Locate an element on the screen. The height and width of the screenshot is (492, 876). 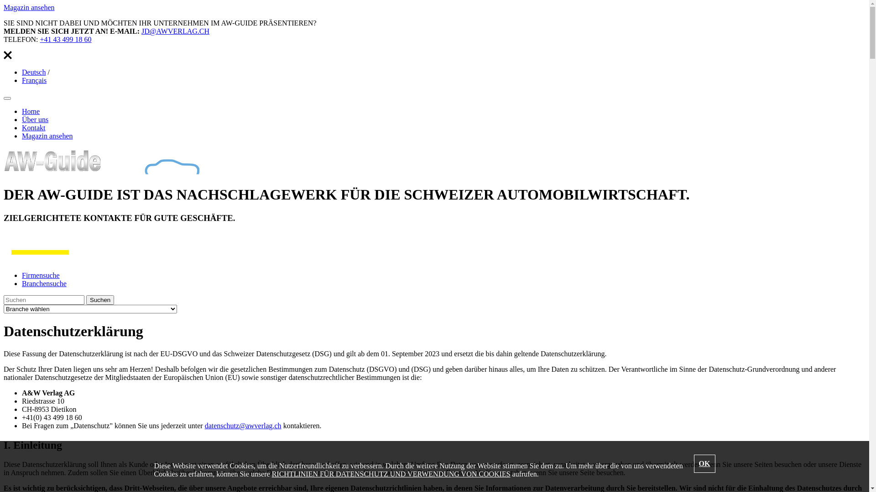
'Firmensuche' is located at coordinates (40, 275).